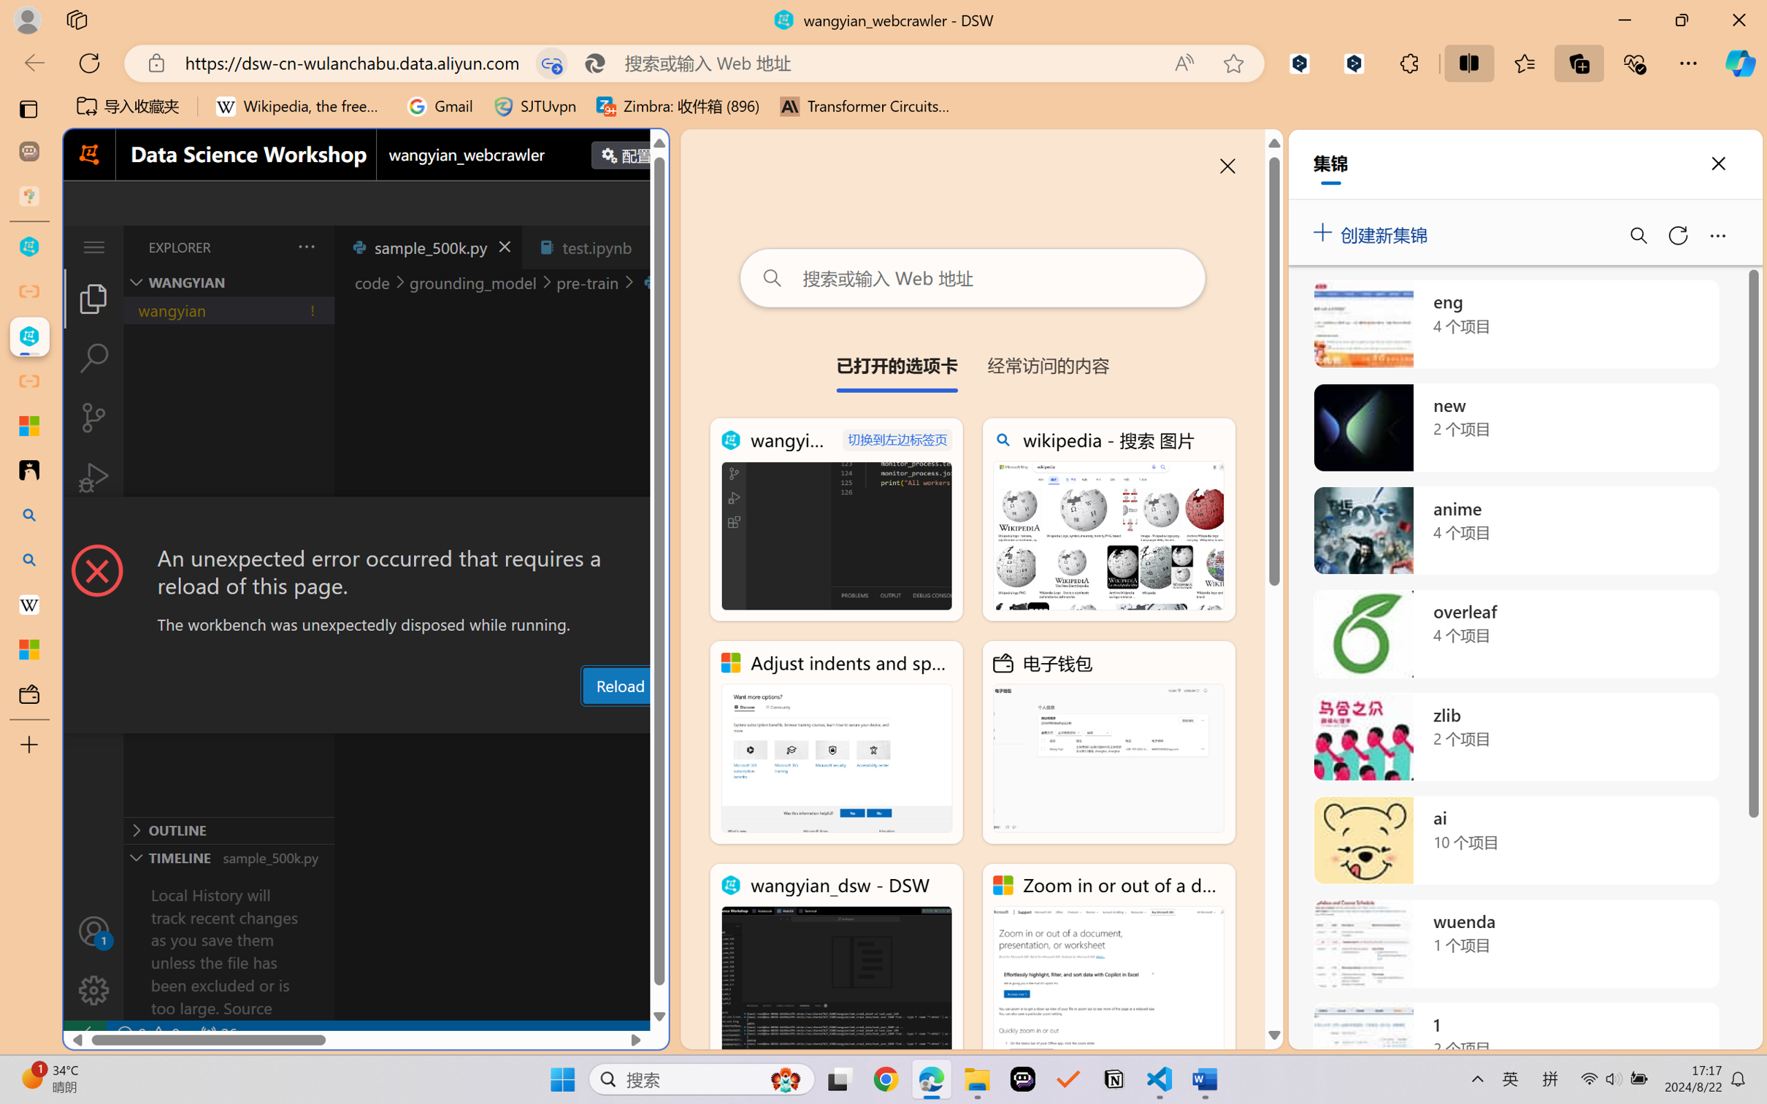 The width and height of the screenshot is (1767, 1104). What do you see at coordinates (229, 829) in the screenshot?
I see `'Outline Section'` at bounding box center [229, 829].